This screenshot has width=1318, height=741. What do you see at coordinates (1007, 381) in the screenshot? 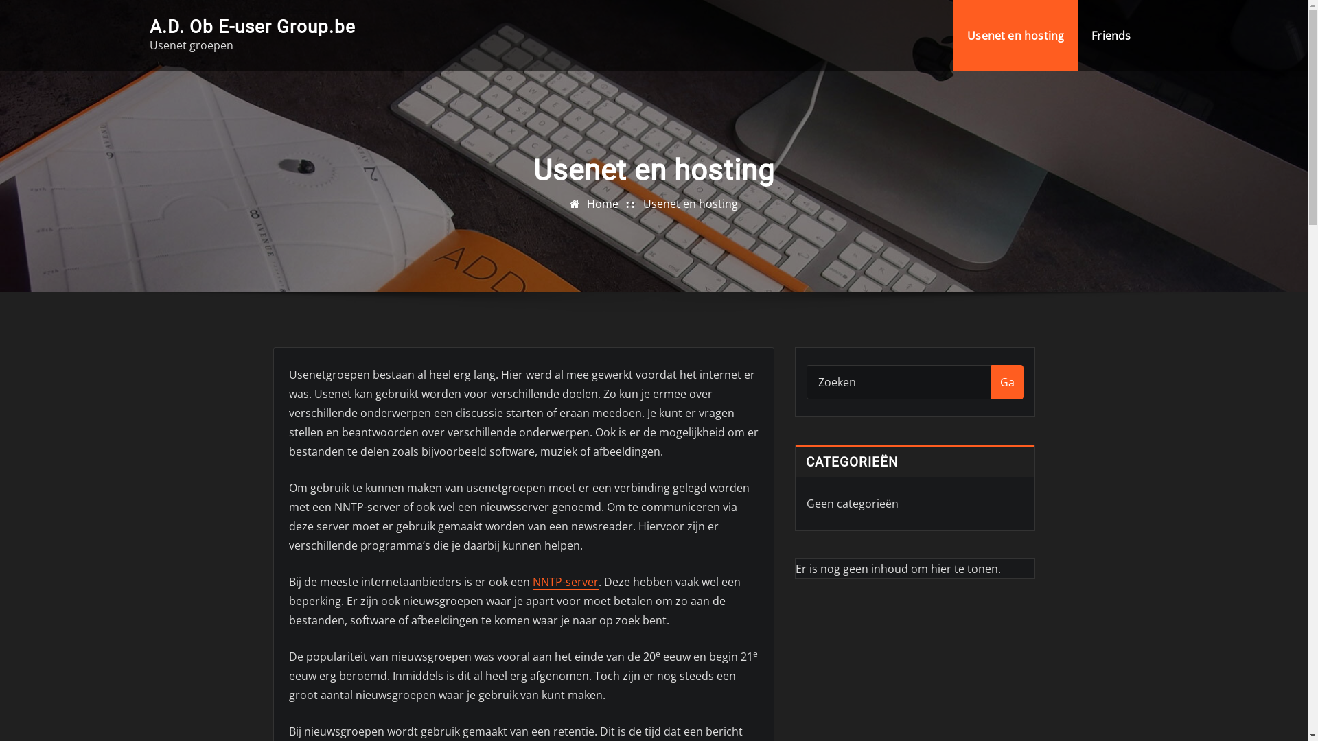
I see `'Ga'` at bounding box center [1007, 381].